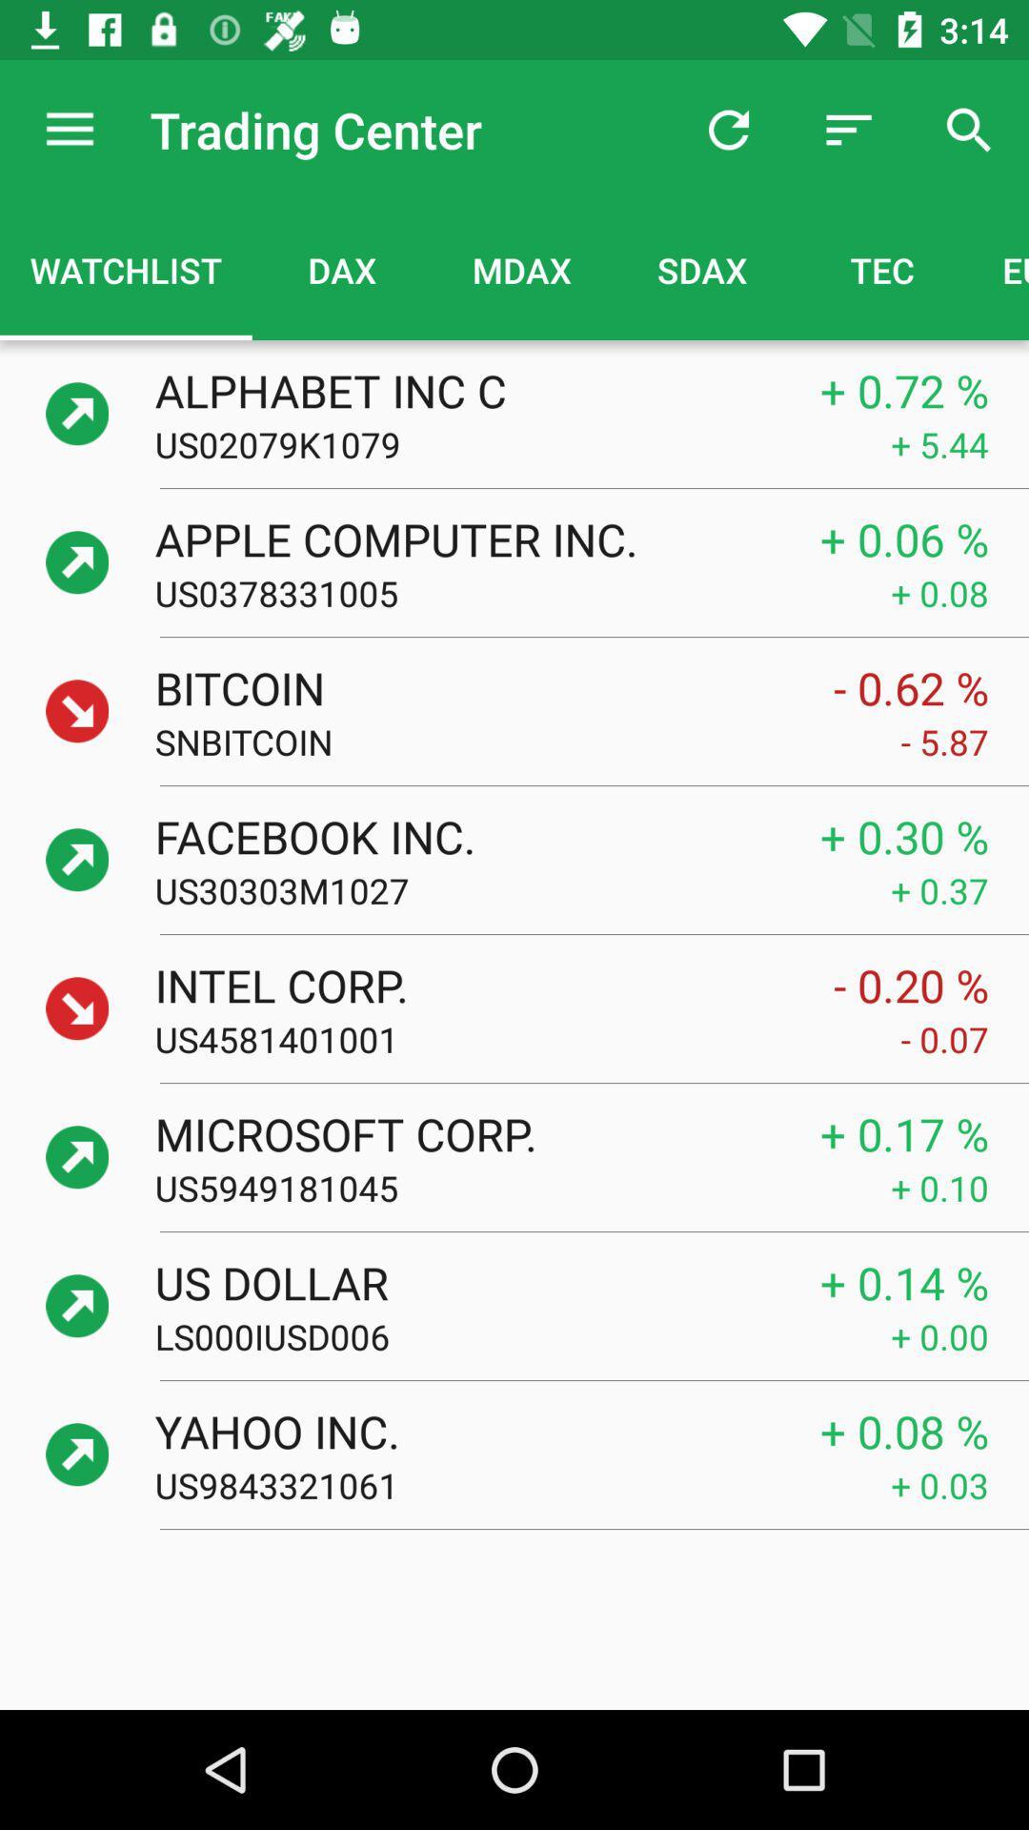  I want to click on icon next to - 5.87, so click(528, 741).